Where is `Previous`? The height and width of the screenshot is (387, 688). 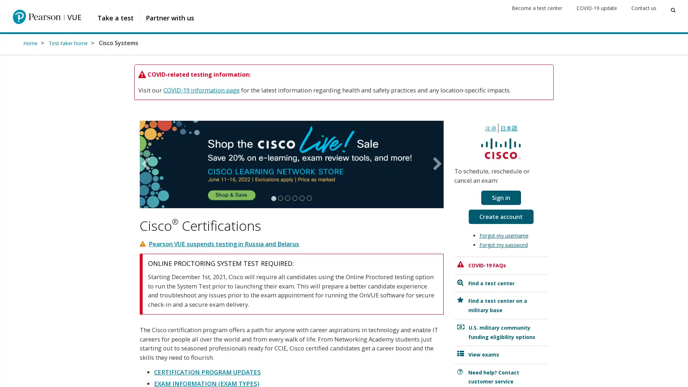
Previous is located at coordinates (146, 164).